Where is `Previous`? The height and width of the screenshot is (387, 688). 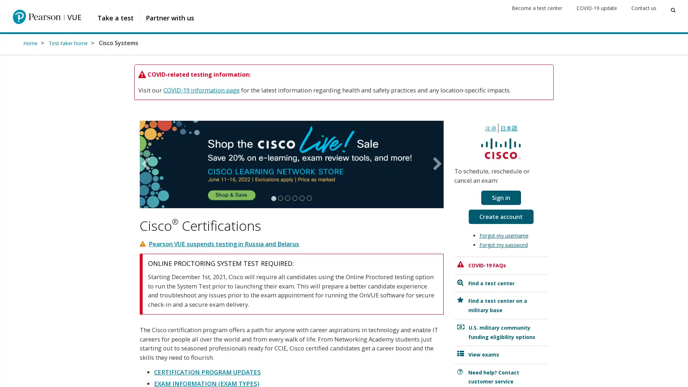
Previous is located at coordinates (146, 164).